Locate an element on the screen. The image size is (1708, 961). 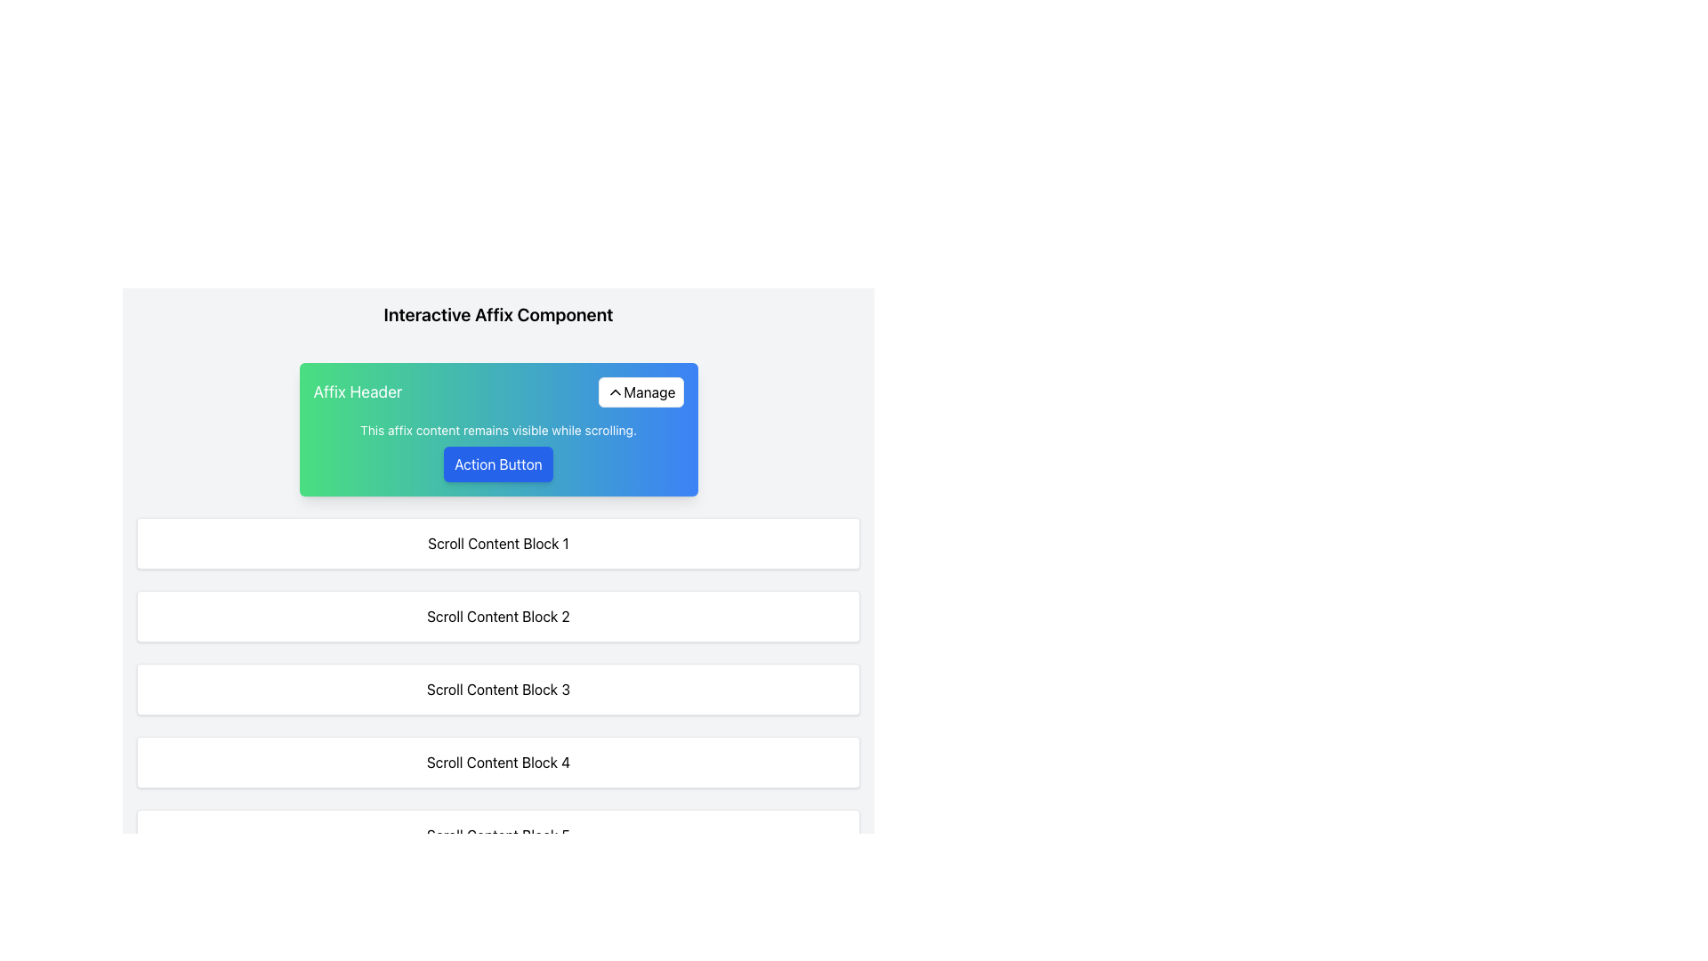
the textual header labeled 'Interactive Affix Component' is located at coordinates (498, 314).